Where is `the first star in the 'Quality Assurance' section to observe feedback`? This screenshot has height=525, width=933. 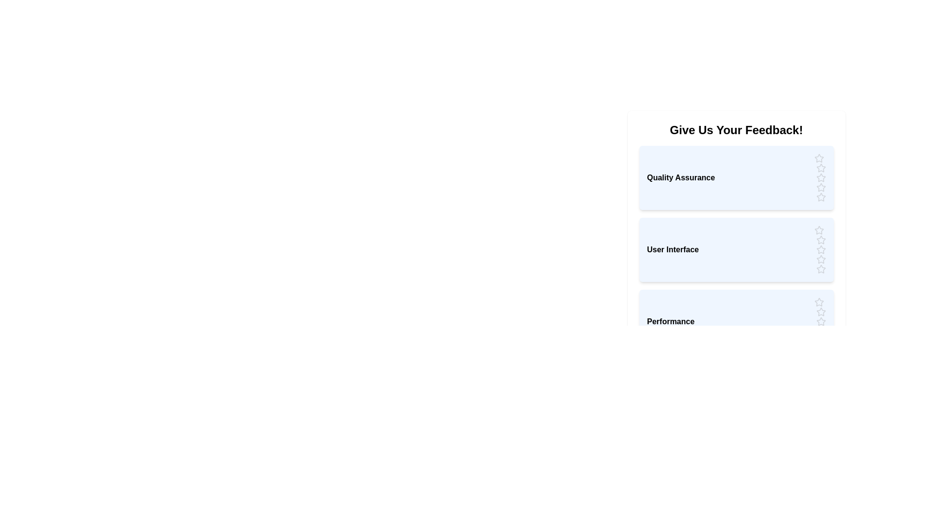 the first star in the 'Quality Assurance' section to observe feedback is located at coordinates (814, 153).